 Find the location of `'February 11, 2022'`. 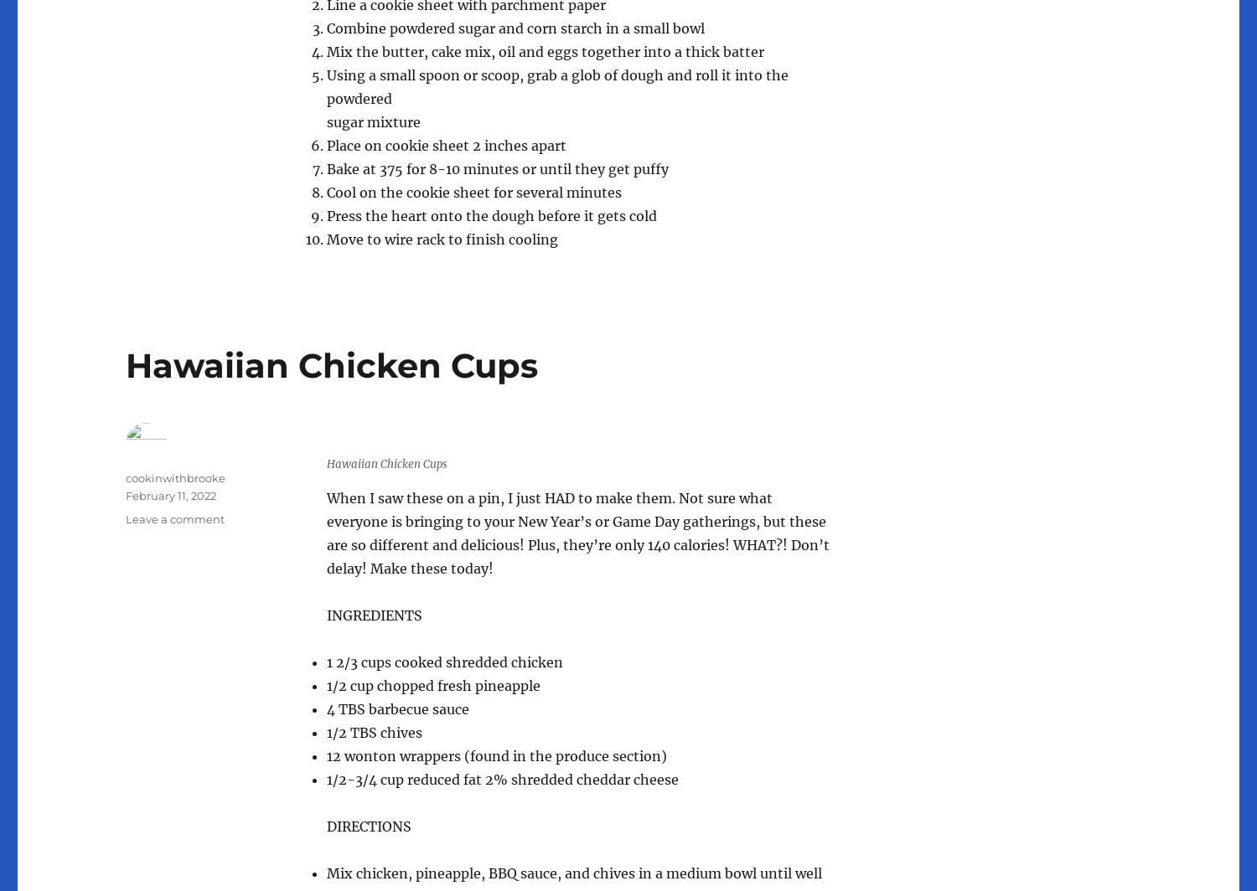

'February 11, 2022' is located at coordinates (170, 495).